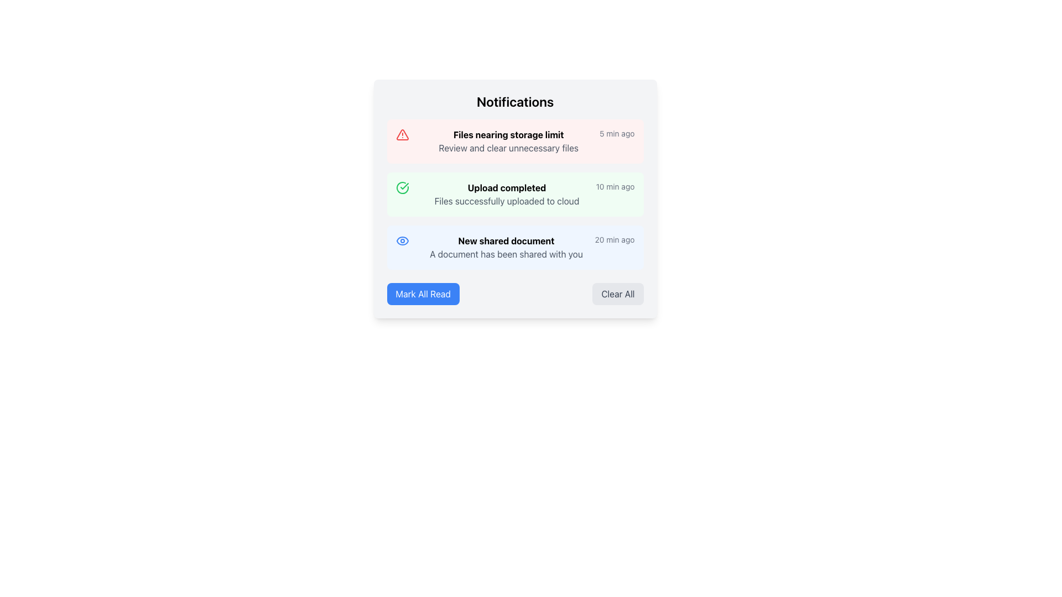 The width and height of the screenshot is (1062, 597). I want to click on the interactive parts of the Notification card with a light green background that reads 'Upload completed', located in the Notifications panel, so click(514, 193).